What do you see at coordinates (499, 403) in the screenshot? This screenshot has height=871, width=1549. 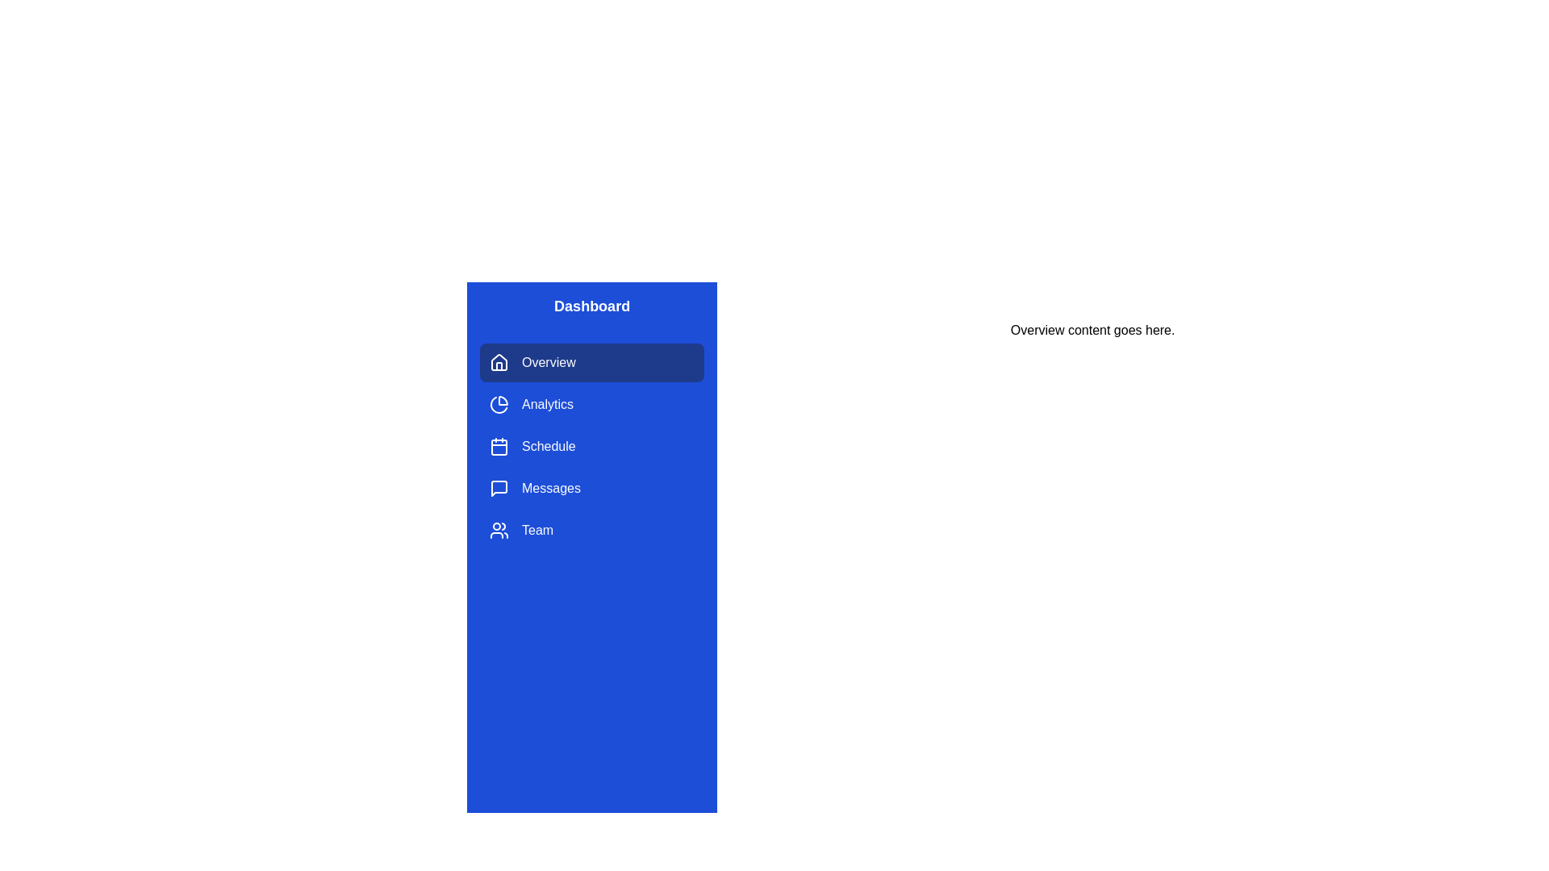 I see `the pie chart icon in the sidebar next to the 'Analytics' text` at bounding box center [499, 403].